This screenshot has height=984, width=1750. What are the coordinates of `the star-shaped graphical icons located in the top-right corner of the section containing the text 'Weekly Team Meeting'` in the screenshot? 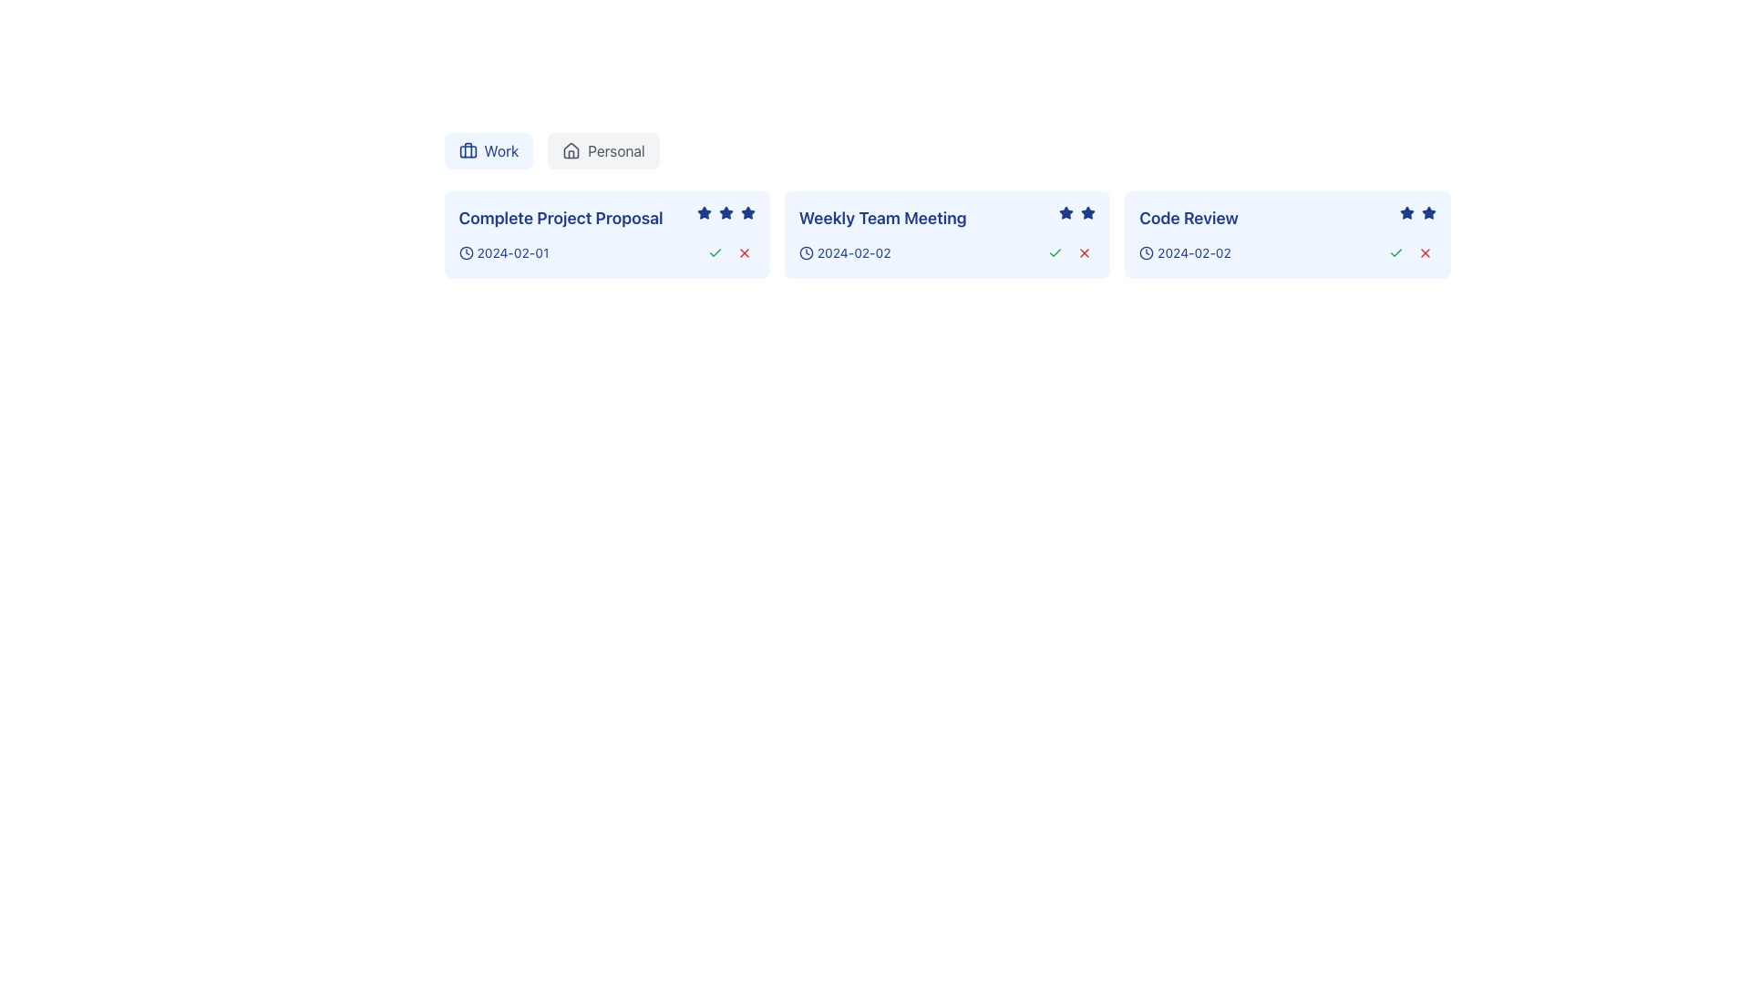 It's located at (1077, 212).